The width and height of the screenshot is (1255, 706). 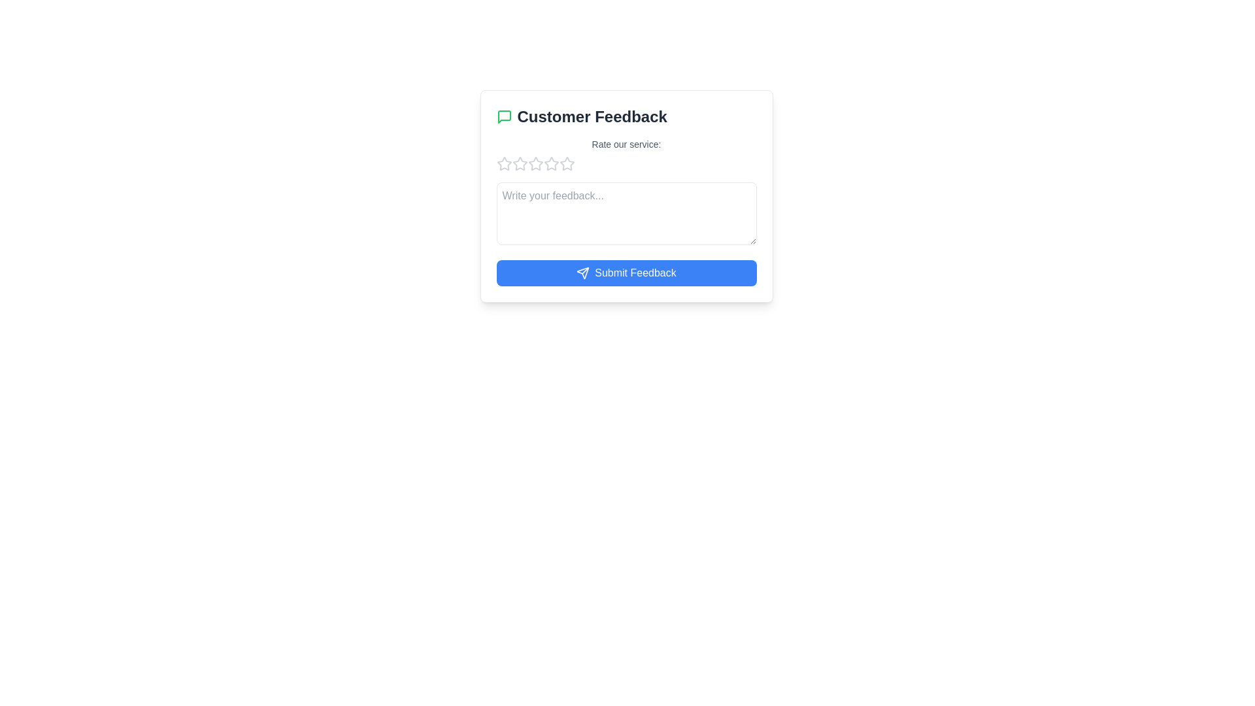 What do you see at coordinates (626, 144) in the screenshot?
I see `the static text label reading 'Rate our service:' which is located near the top of the feedback form, above the star rating interface` at bounding box center [626, 144].